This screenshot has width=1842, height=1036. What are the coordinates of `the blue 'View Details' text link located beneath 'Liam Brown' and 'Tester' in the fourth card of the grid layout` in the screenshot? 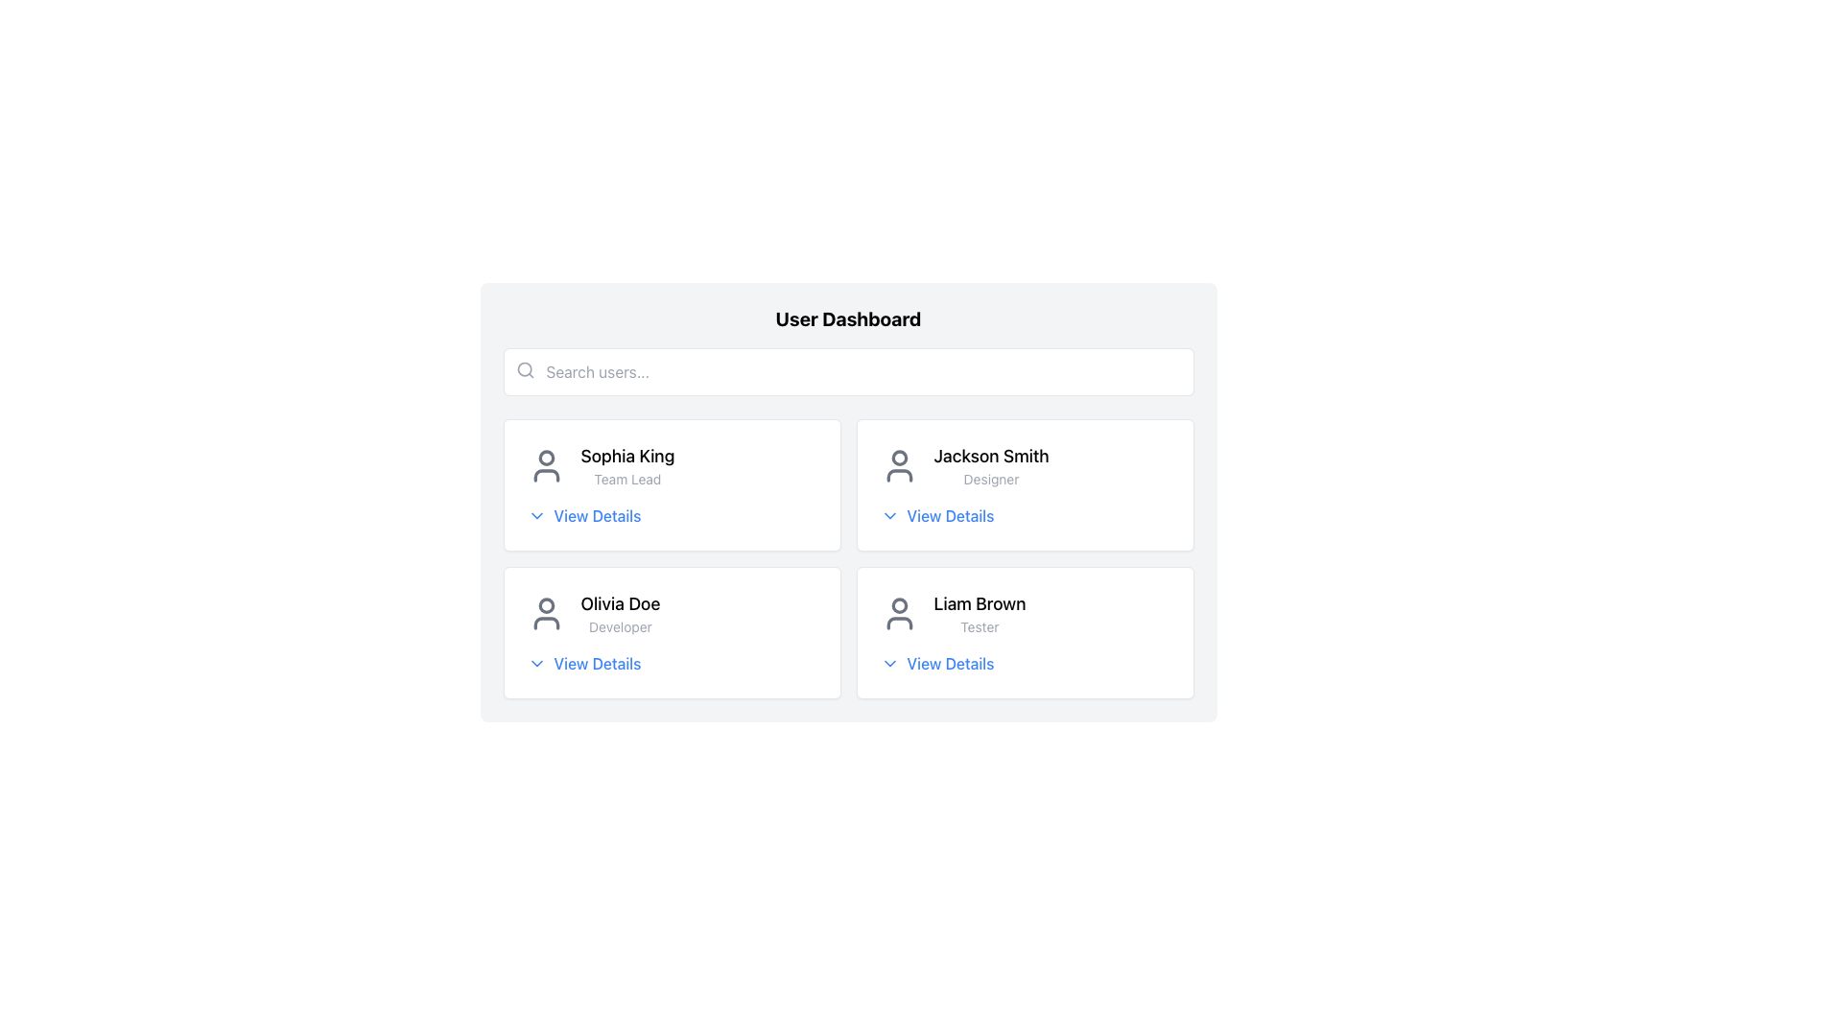 It's located at (937, 662).